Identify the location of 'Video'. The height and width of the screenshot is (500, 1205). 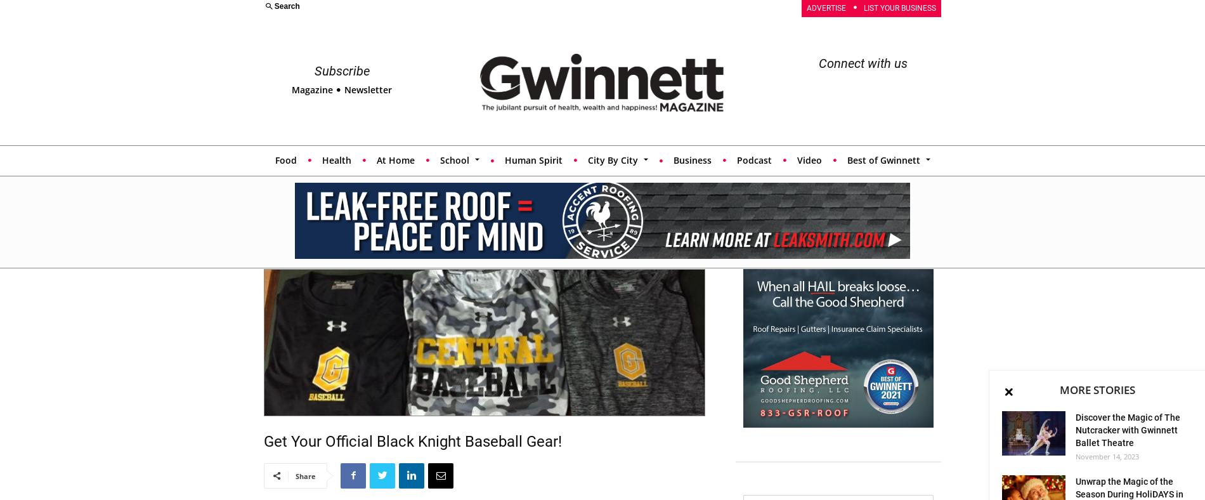
(808, 159).